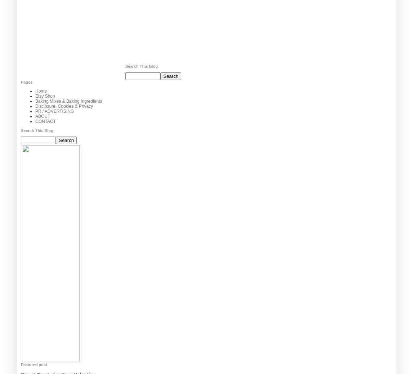 This screenshot has height=374, width=410. Describe the element at coordinates (43, 116) in the screenshot. I see `'ABOUT'` at that location.